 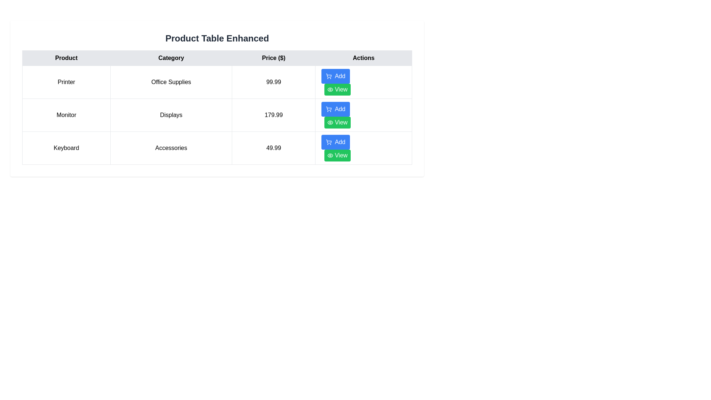 What do you see at coordinates (337, 155) in the screenshot?
I see `the second button in the 'Actions' column of the third row of the table` at bounding box center [337, 155].